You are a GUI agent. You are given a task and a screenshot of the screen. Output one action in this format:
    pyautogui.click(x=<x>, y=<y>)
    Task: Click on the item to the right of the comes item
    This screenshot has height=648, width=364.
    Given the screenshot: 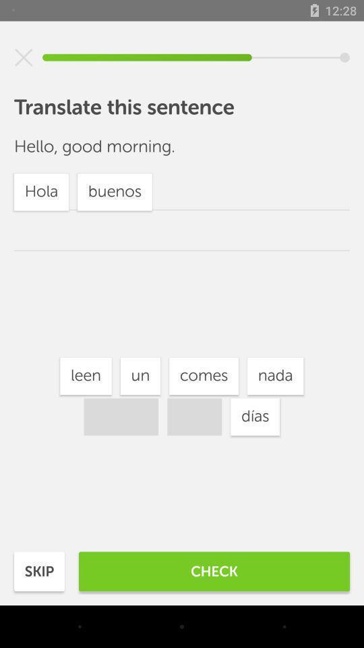 What is the action you would take?
    pyautogui.click(x=274, y=376)
    